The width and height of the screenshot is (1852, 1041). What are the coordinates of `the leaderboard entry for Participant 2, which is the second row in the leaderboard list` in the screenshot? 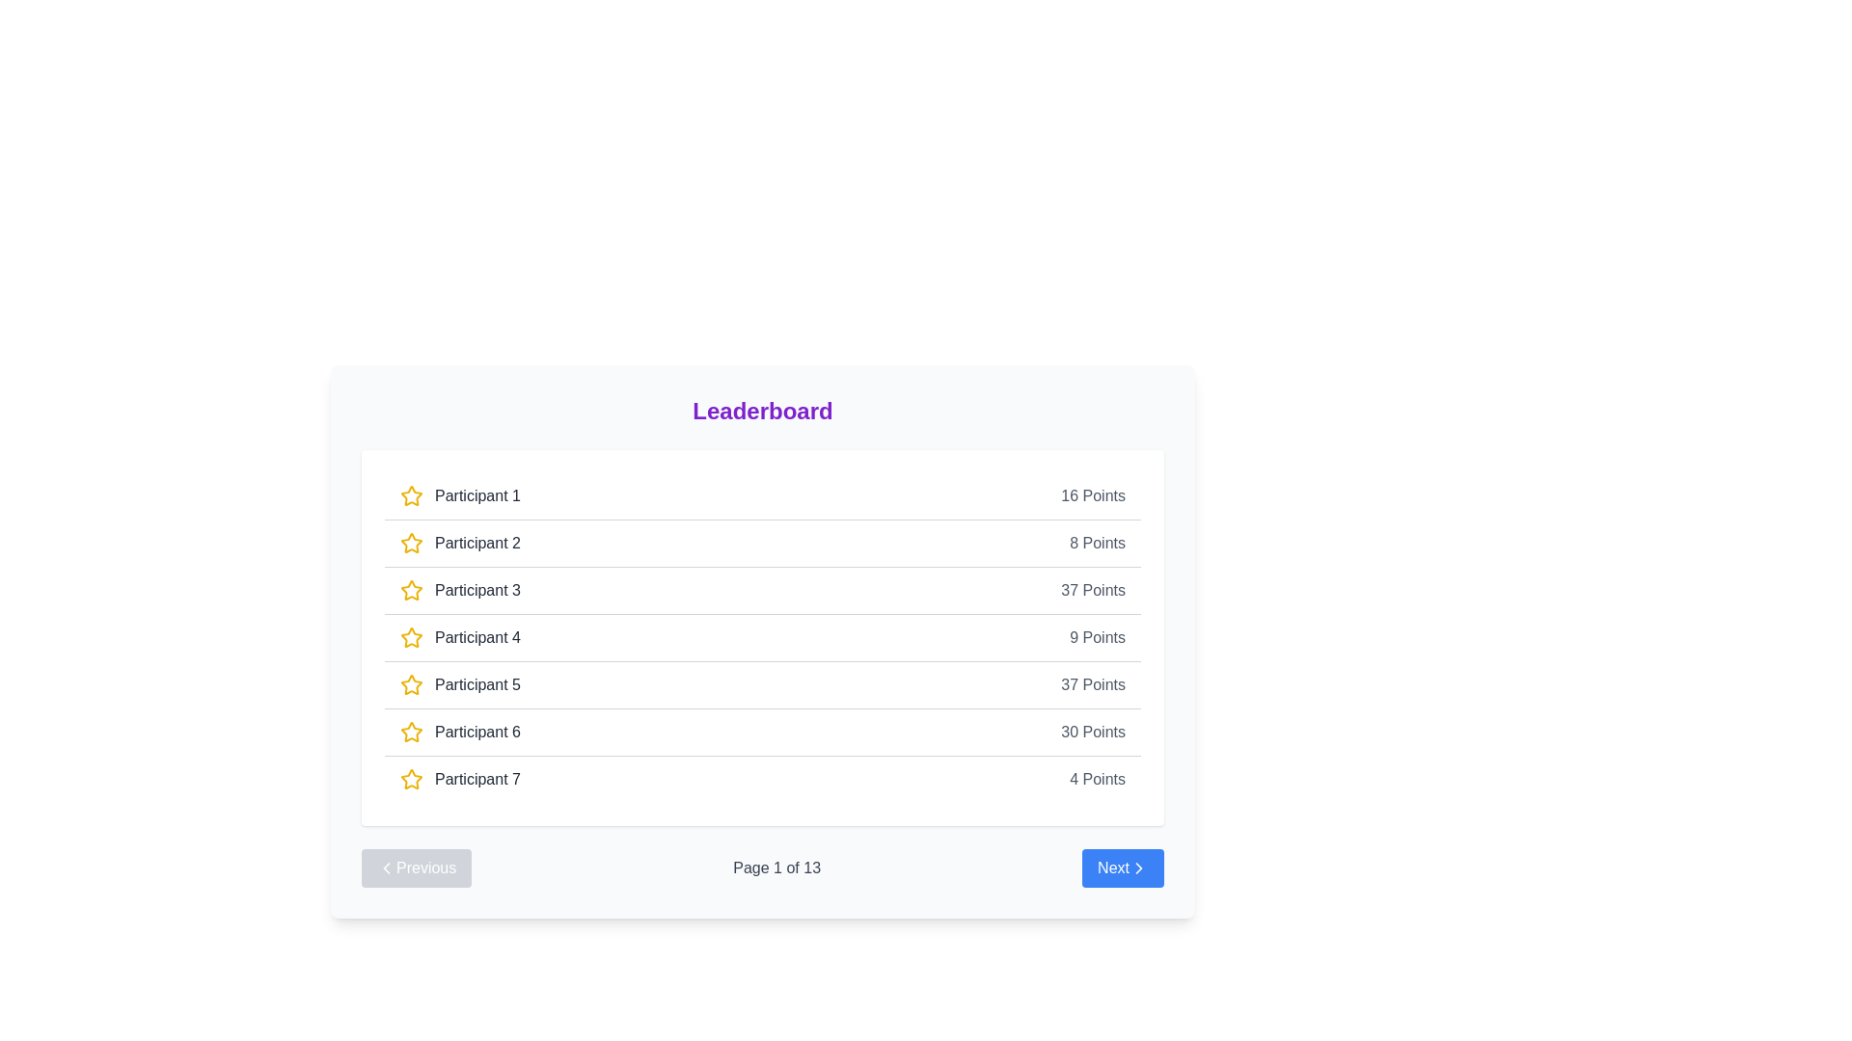 It's located at (762, 543).